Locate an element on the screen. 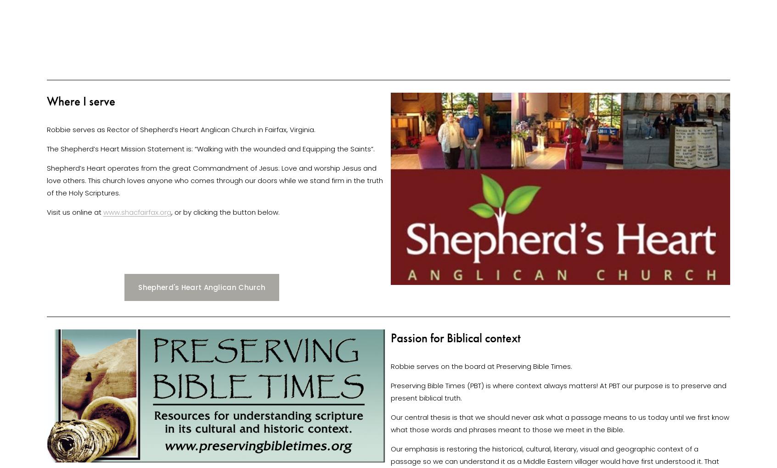  ', or by clicking the button below.' is located at coordinates (225, 211).